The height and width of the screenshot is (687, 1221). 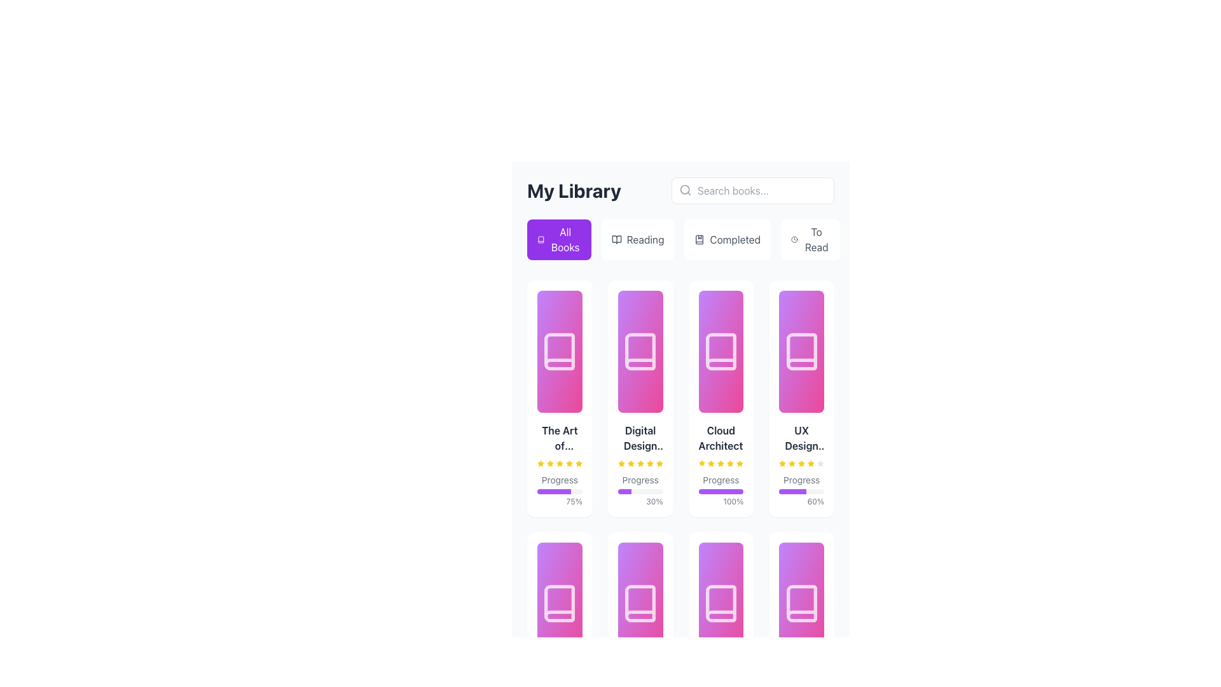 I want to click on the magnifying glass icon that indicates the search functionality within the search bar, located at the top-right area of the interface, positioned just before the placeholder text 'Search books...', so click(x=685, y=190).